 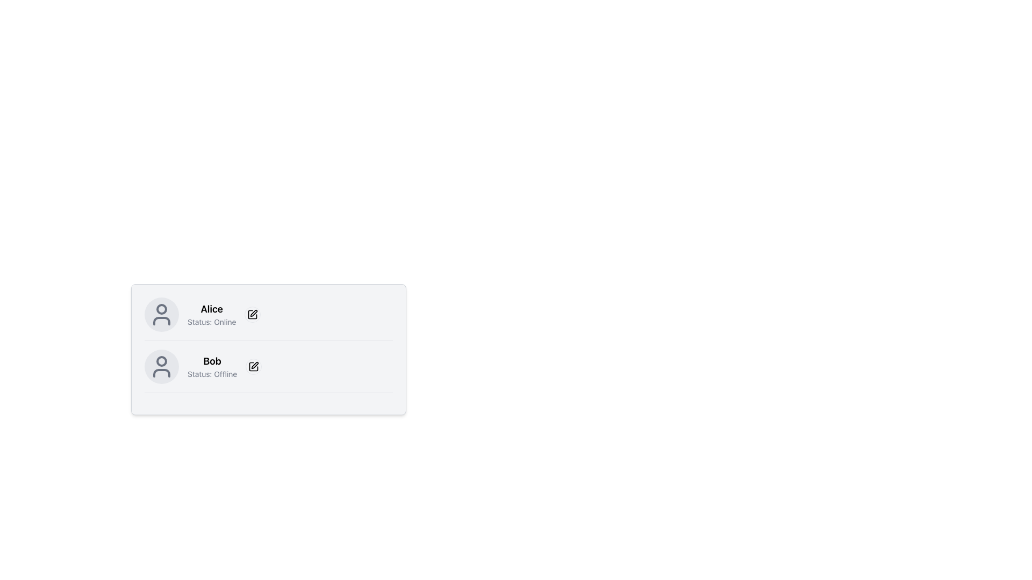 I want to click on the profile icon representing 'Alice', which is located within a rounded gray background at the top of the user list area, to the left of her name and status line, so click(x=161, y=314).